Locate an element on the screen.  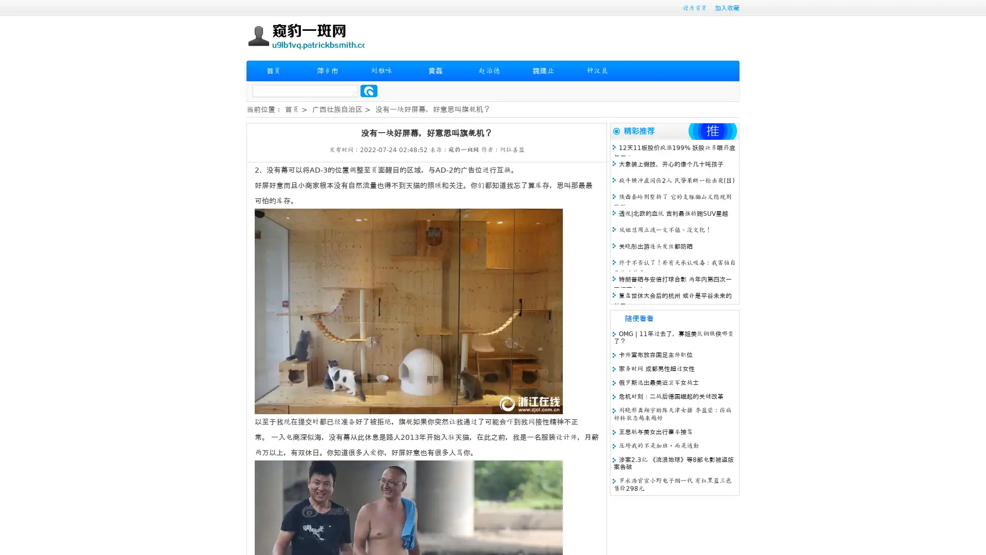
Search is located at coordinates (369, 90).